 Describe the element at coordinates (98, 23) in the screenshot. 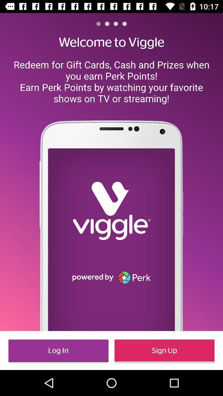

I see `the item above the welcome to viggle item` at that location.